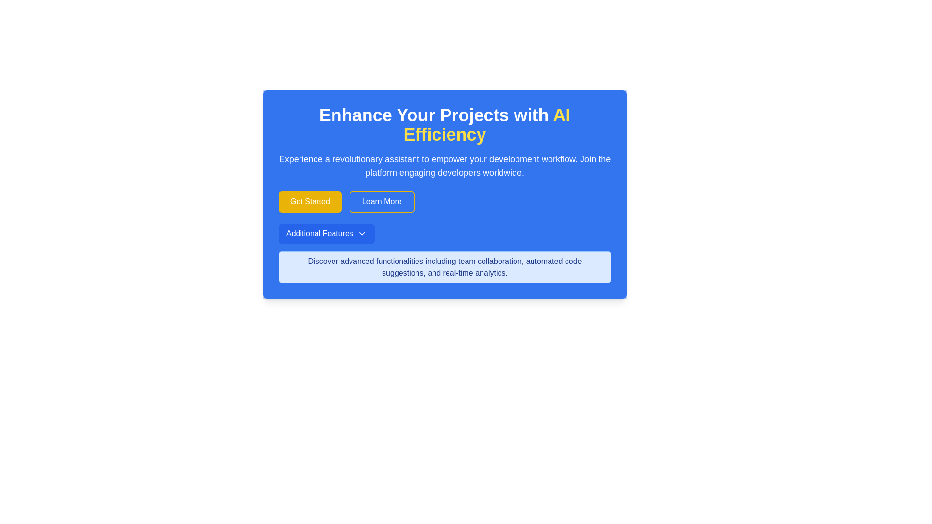  What do you see at coordinates (487, 124) in the screenshot?
I see `the static text element 'AI Efficiency' which is part of a prominent heading and is located at the rightmost boundary of the phrase 'Enhance Your Projects with AI Efficiency'` at bounding box center [487, 124].